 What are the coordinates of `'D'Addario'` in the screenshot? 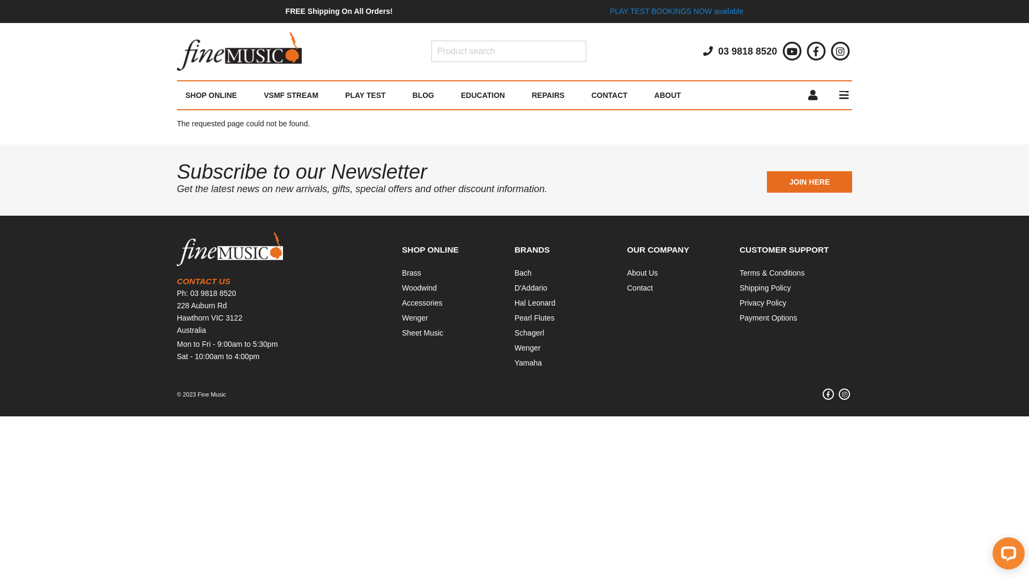 It's located at (531, 287).